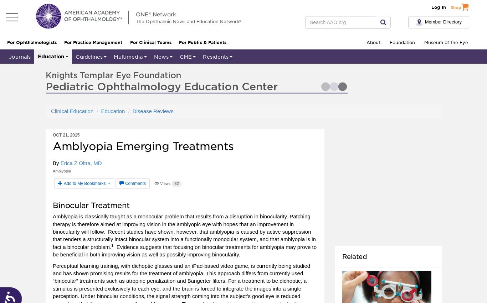 Image resolution: width=487 pixels, height=303 pixels. What do you see at coordinates (52, 231) in the screenshot?
I see `'Amblyopia is classically taught as a monocular problem that results from a disruption in binocularity. Patching therapy is therefore aimed at improving vision in the amblyopic eye with hopes that an improvement in binocularity will follow.  Recent studies have shown, however, that amblyopia is caused by active suppression that renders a structurally intact binocular system into a functionally monocular system, and that amblyopia is in fact a binocular problem.'` at bounding box center [52, 231].